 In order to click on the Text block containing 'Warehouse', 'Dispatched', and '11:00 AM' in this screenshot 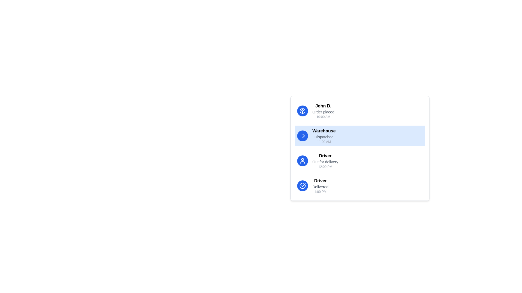, I will do `click(324, 136)`.